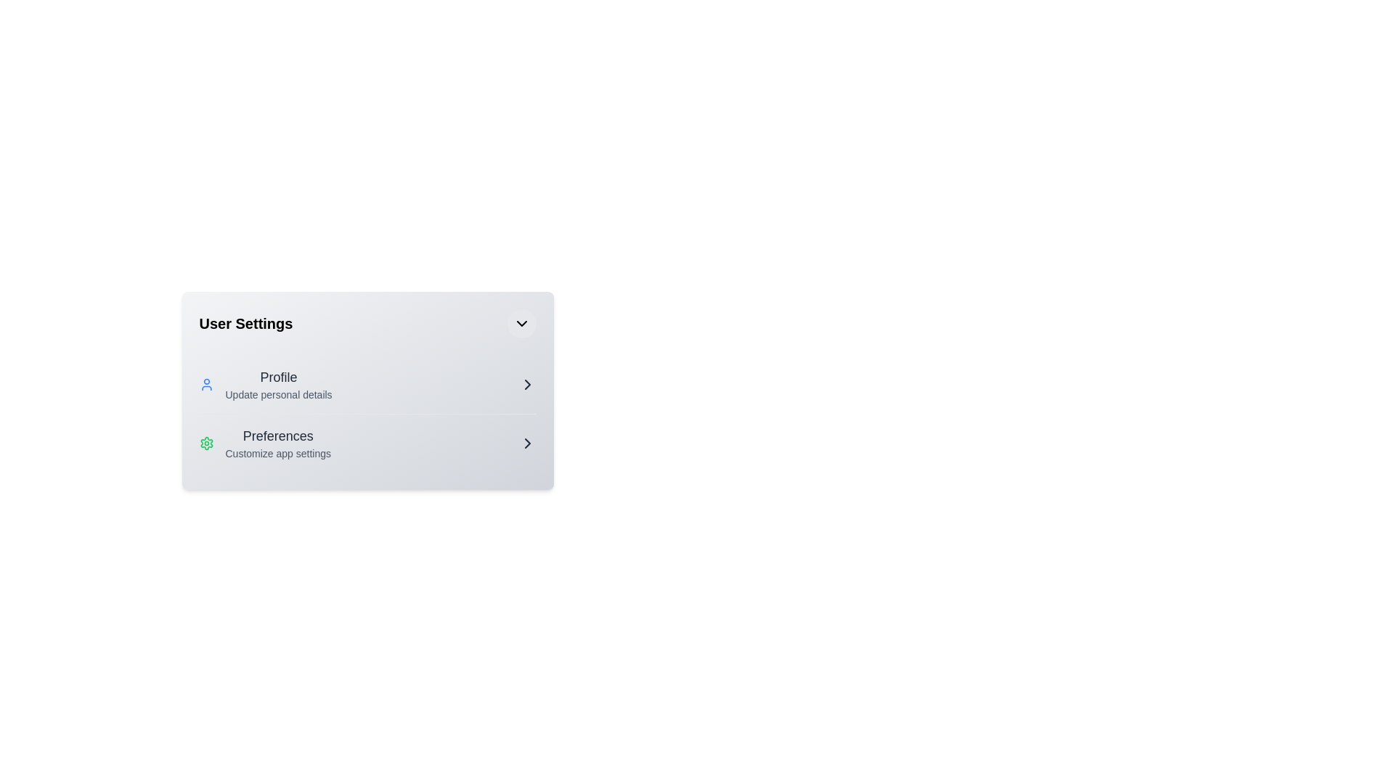 This screenshot has width=1394, height=784. What do you see at coordinates (279, 394) in the screenshot?
I see `the static text label displaying 'Update personal details' located under the 'Profile' text in the user settings menu` at bounding box center [279, 394].